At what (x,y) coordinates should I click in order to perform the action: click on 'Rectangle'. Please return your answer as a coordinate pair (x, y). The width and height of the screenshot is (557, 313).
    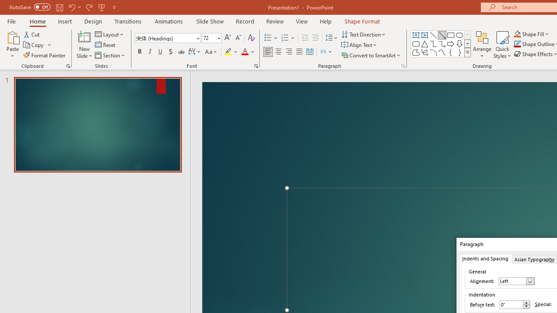
    Looking at the image, I should click on (451, 35).